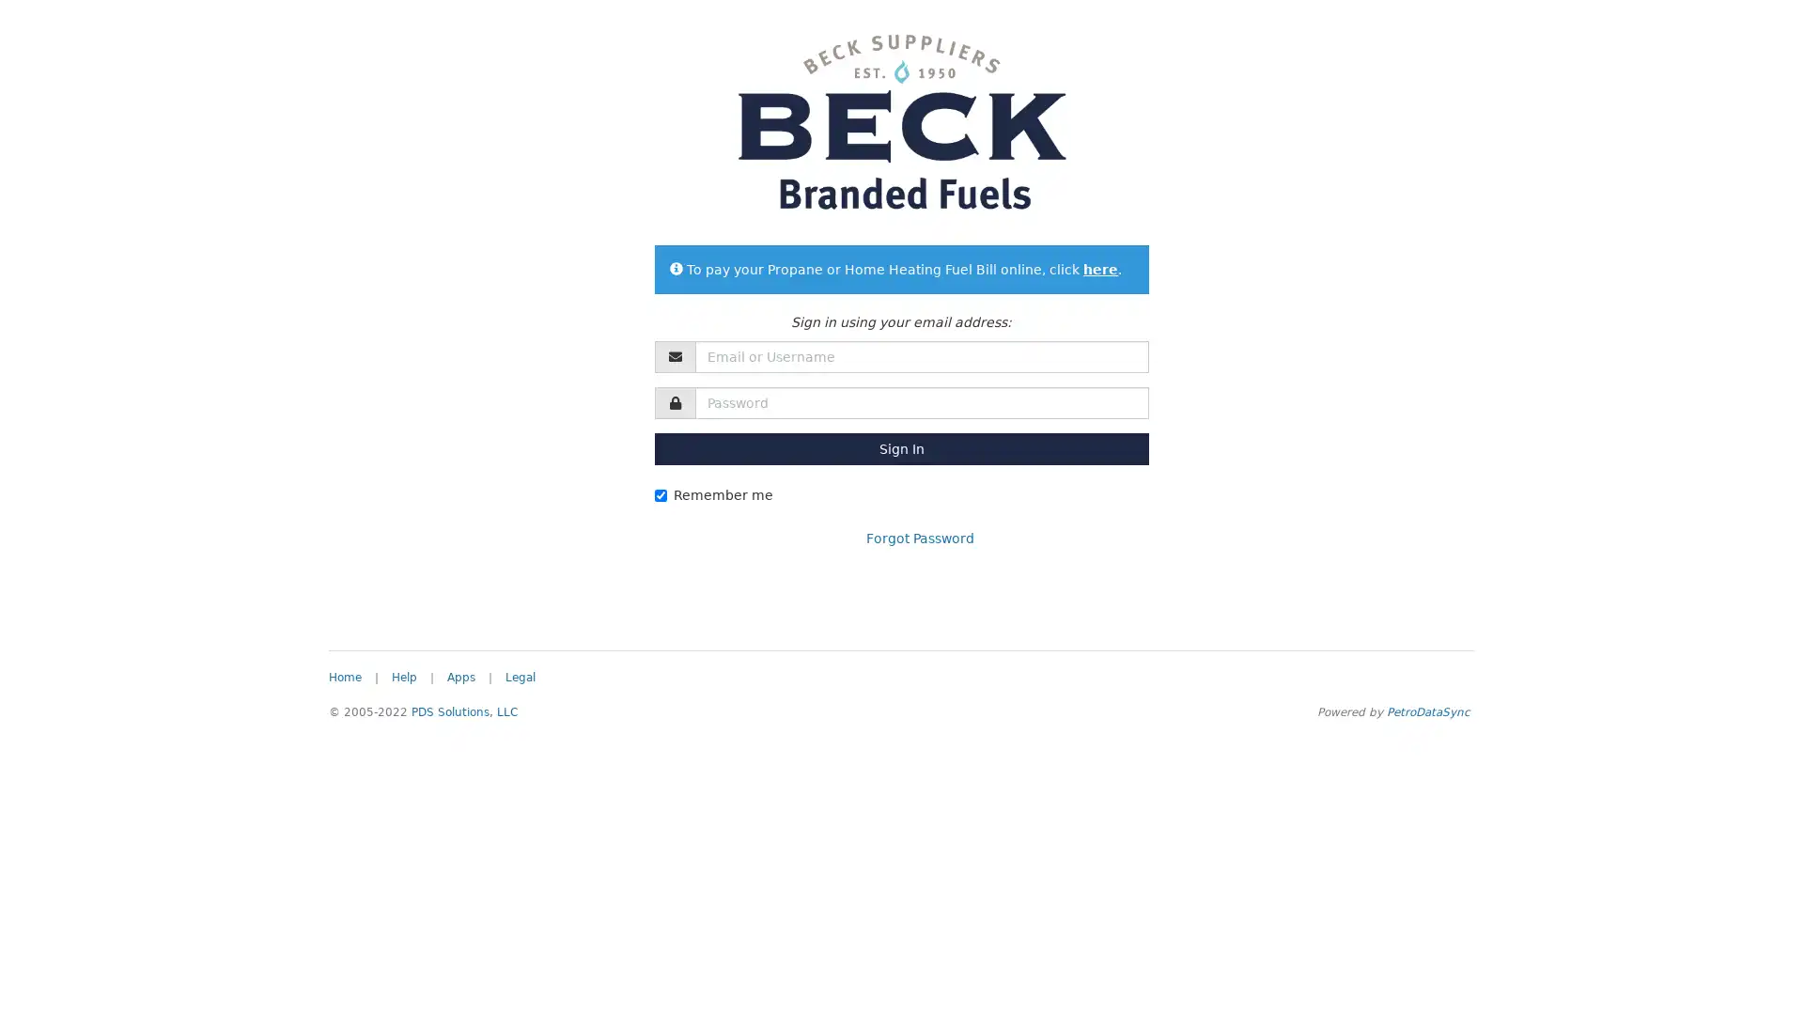 The width and height of the screenshot is (1804, 1015). Describe the element at coordinates (919, 537) in the screenshot. I see `Forgot Password` at that location.